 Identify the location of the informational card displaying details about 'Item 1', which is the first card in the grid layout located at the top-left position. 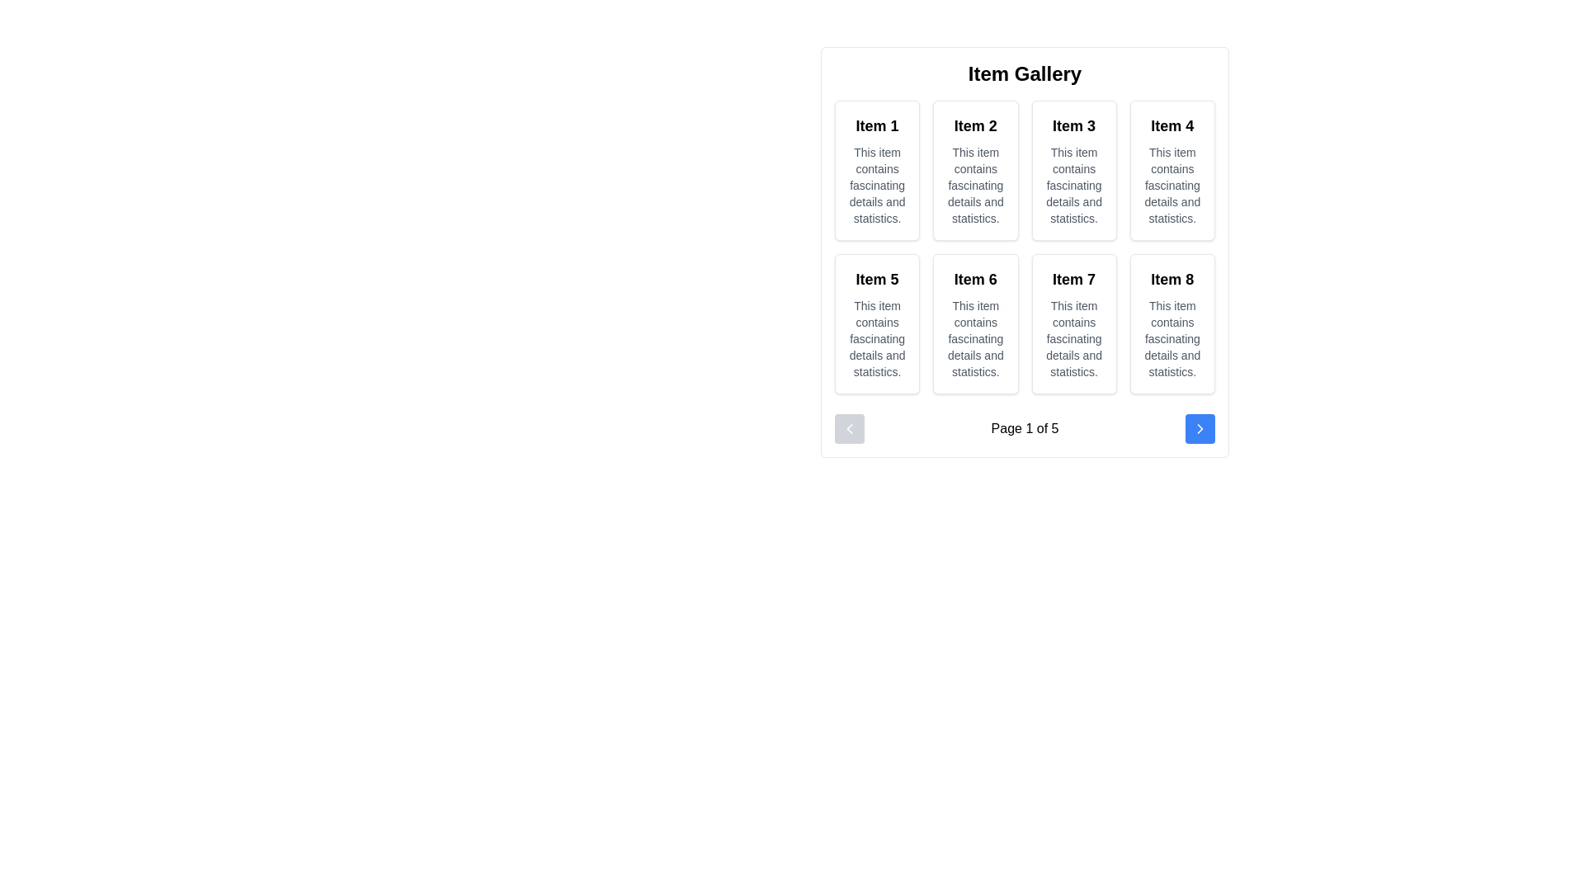
(876, 171).